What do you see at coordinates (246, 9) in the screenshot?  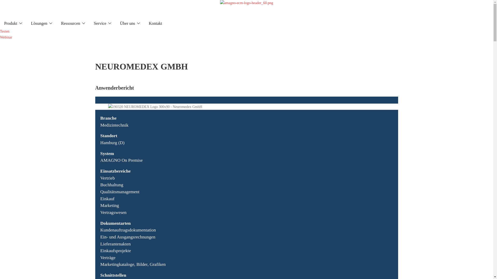 I see `'amagno-ecm-logo-header_60.png'` at bounding box center [246, 9].